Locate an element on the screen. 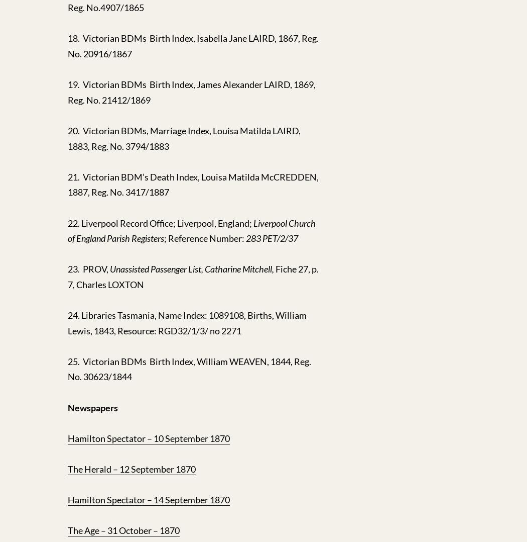 The height and width of the screenshot is (542, 527). 'Fiche 27, p. 7, Charles LOXTON' is located at coordinates (193, 276).